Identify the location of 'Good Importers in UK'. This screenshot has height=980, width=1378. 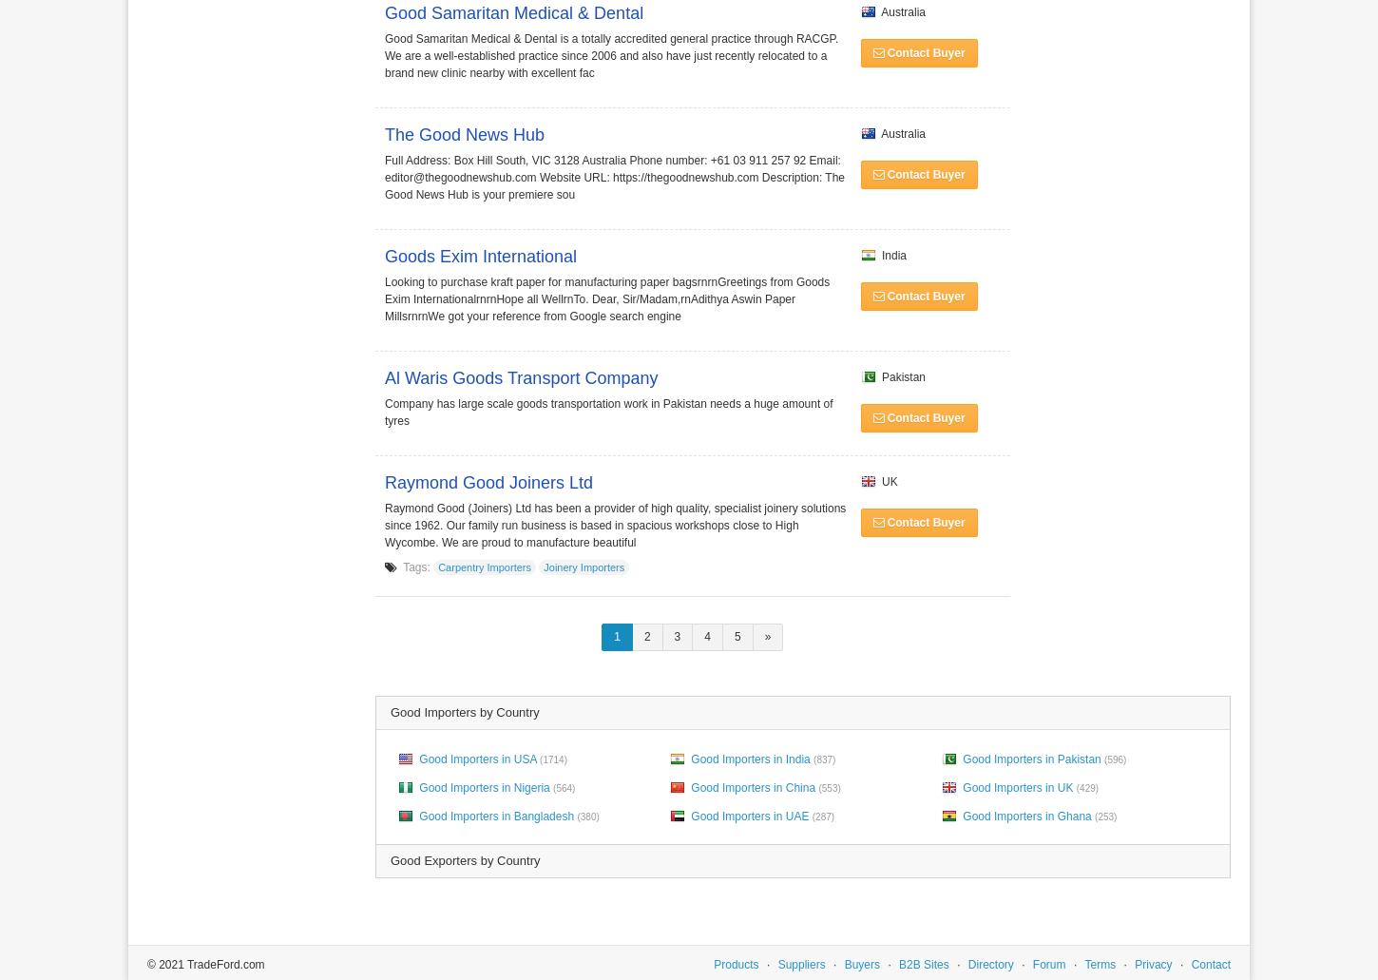
(1017, 786).